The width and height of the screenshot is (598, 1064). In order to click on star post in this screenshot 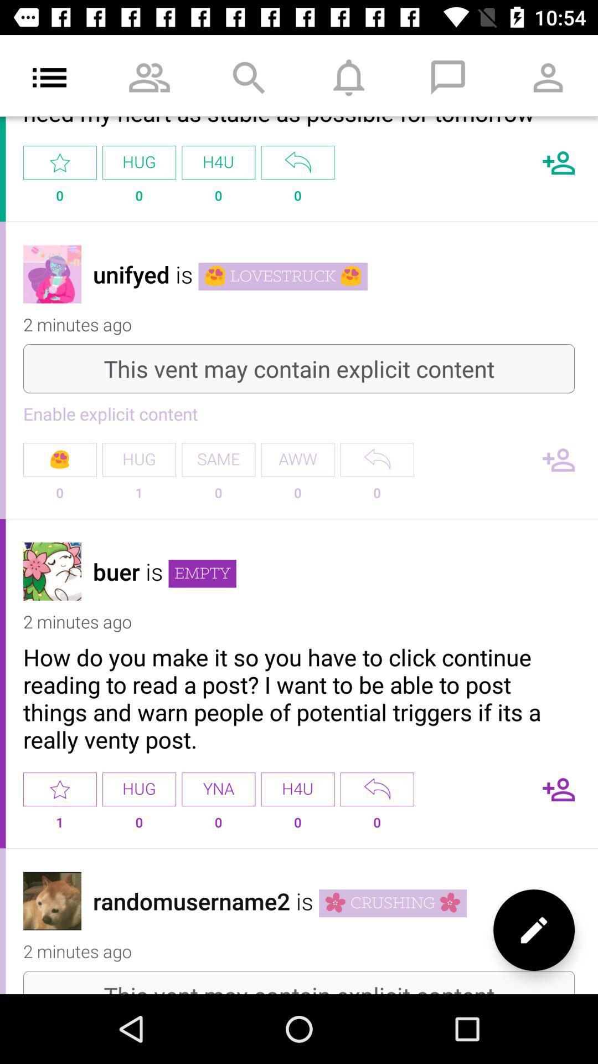, I will do `click(60, 789)`.